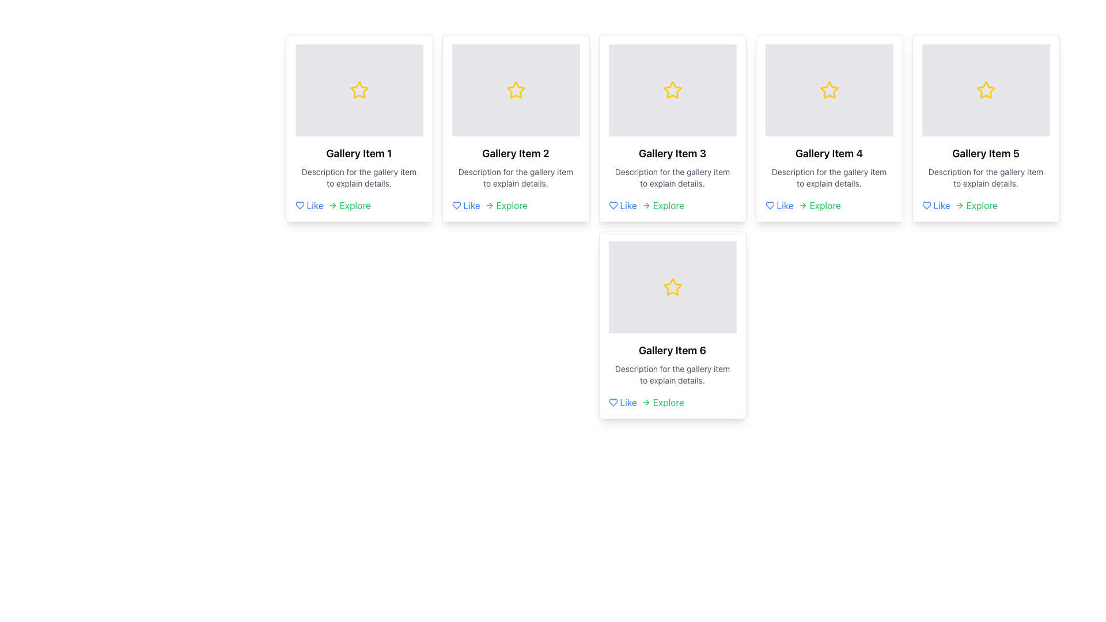 This screenshot has width=1106, height=622. Describe the element at coordinates (672, 350) in the screenshot. I see `the heading text of the card labeled 'Gallery Item 6', located in the bottom-most row and rightmost column of the grid layout` at that location.